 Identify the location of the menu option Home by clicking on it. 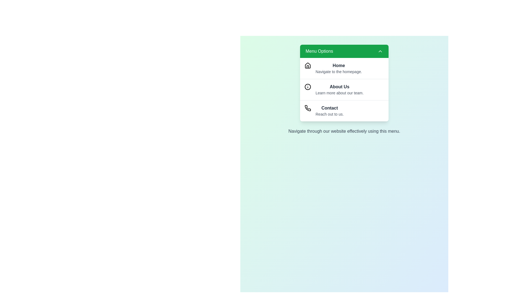
(344, 68).